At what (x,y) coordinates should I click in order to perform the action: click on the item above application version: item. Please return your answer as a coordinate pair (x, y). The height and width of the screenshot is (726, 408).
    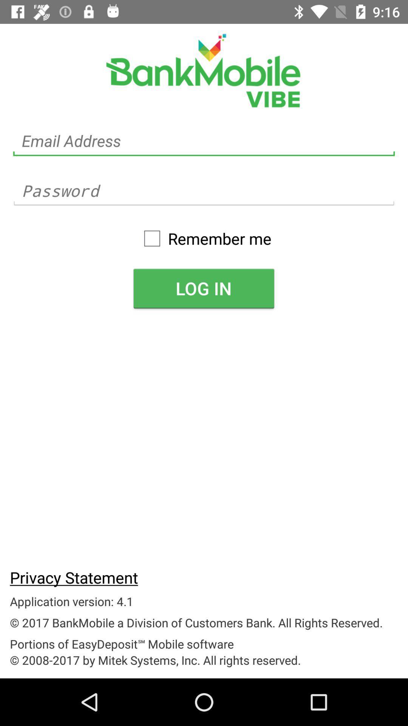
    Looking at the image, I should click on (74, 577).